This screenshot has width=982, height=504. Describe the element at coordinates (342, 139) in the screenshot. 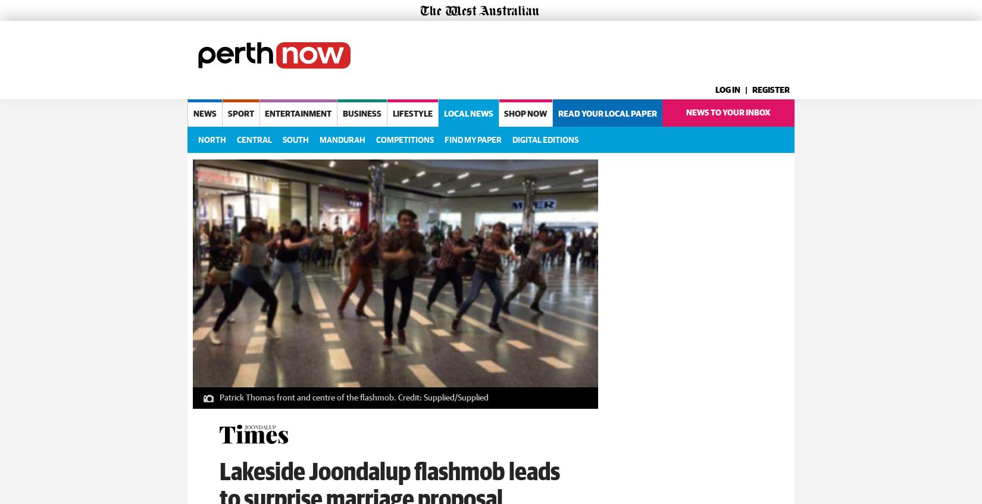

I see `'Mandurah'` at that location.